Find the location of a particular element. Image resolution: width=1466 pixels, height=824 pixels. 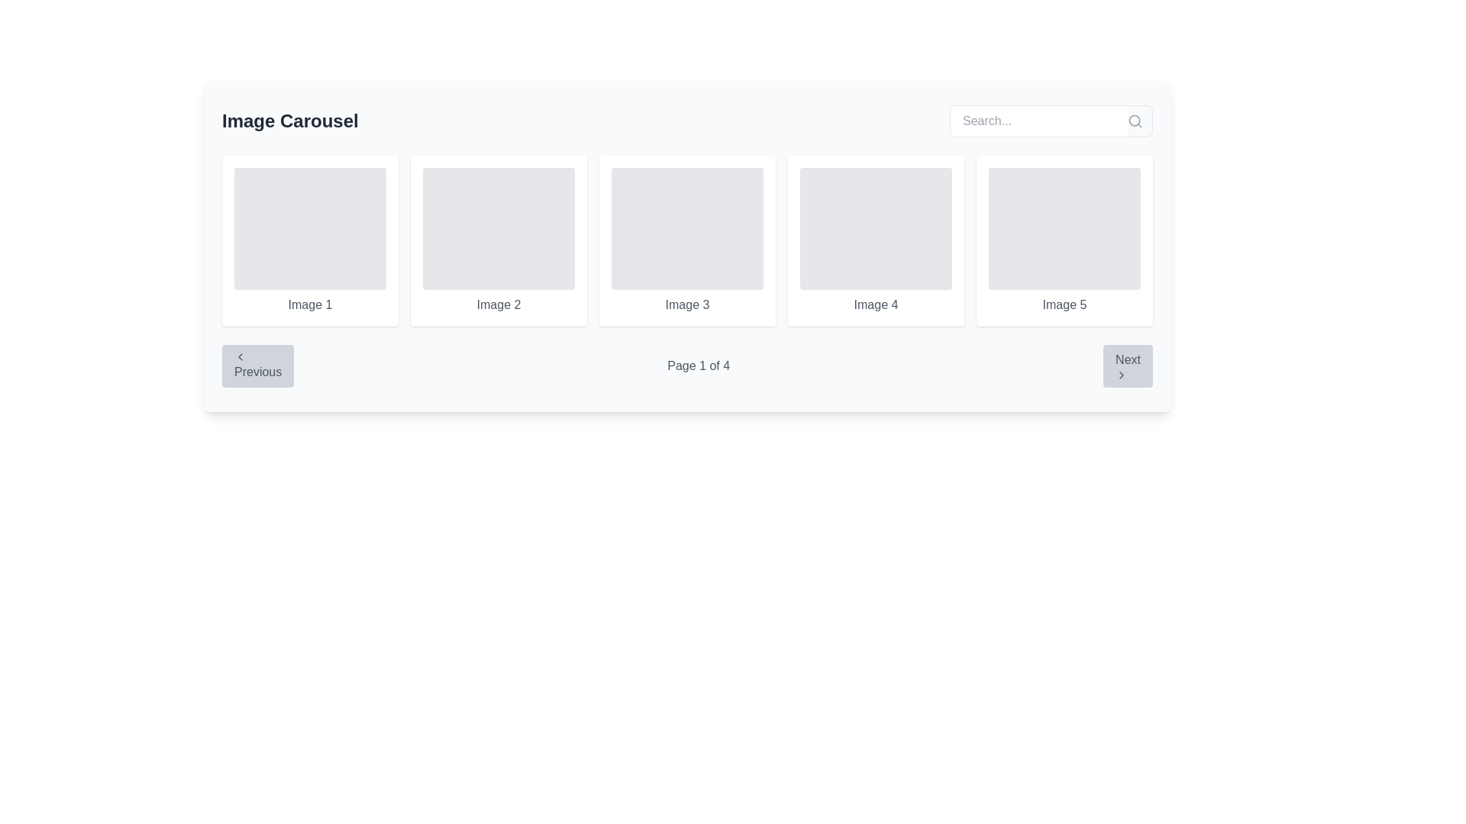

text from the label located directly beneath the first image placeholder in the first column of the horizontal list of image placeholders is located at coordinates (309, 305).